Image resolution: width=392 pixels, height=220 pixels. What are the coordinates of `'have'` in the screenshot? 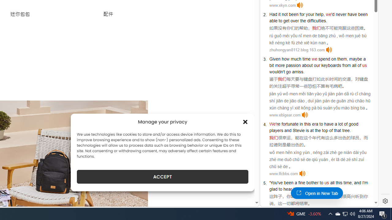 It's located at (328, 124).